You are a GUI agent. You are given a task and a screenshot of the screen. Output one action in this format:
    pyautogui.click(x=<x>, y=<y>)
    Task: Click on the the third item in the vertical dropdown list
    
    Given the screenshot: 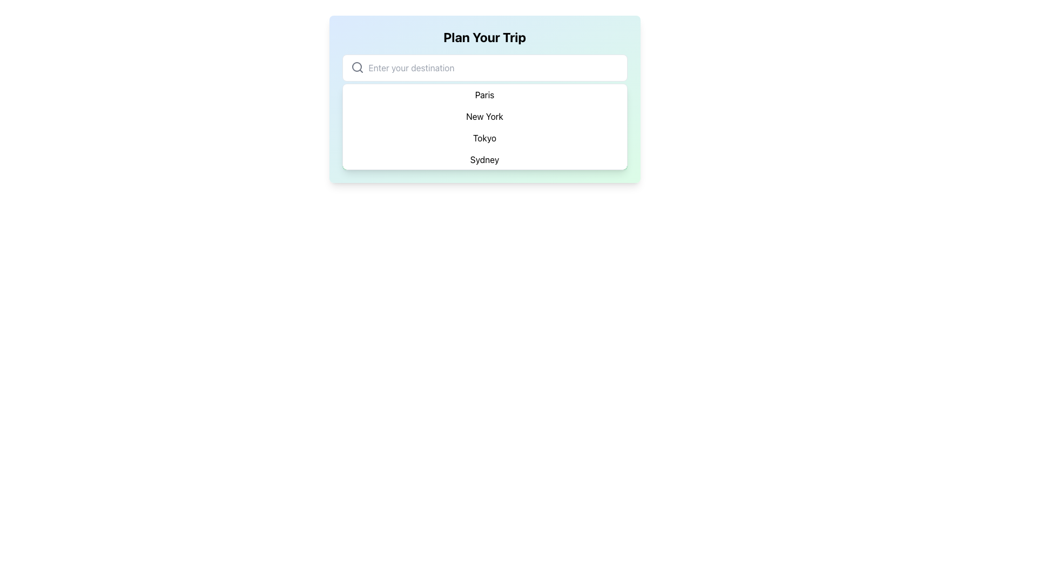 What is the action you would take?
    pyautogui.click(x=484, y=137)
    